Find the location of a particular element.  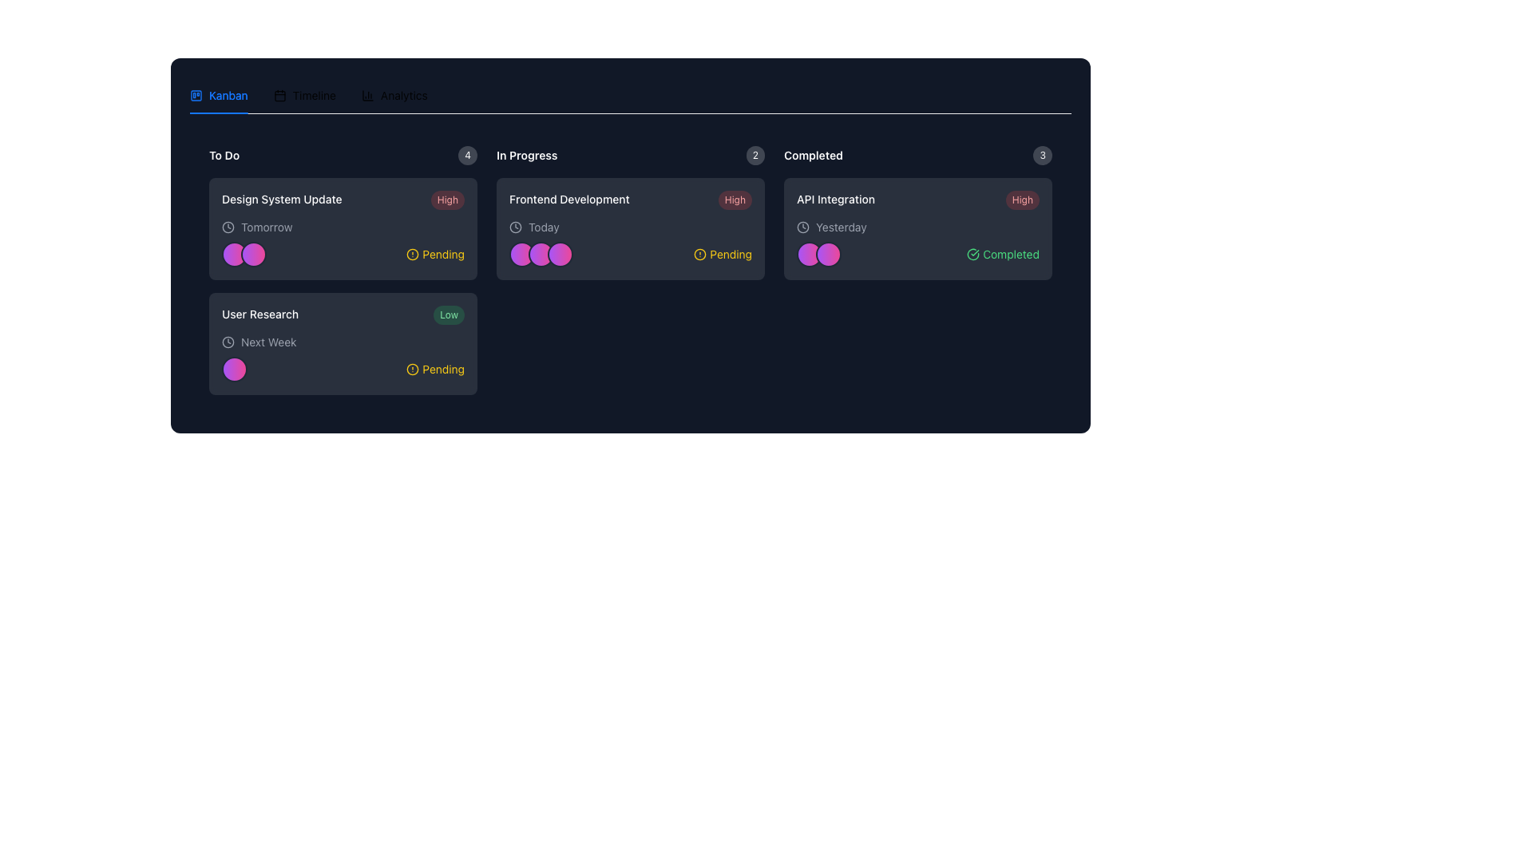

the 'Timeline' tab in the Tab Navigation Component to switch to its associated view is located at coordinates (630, 95).